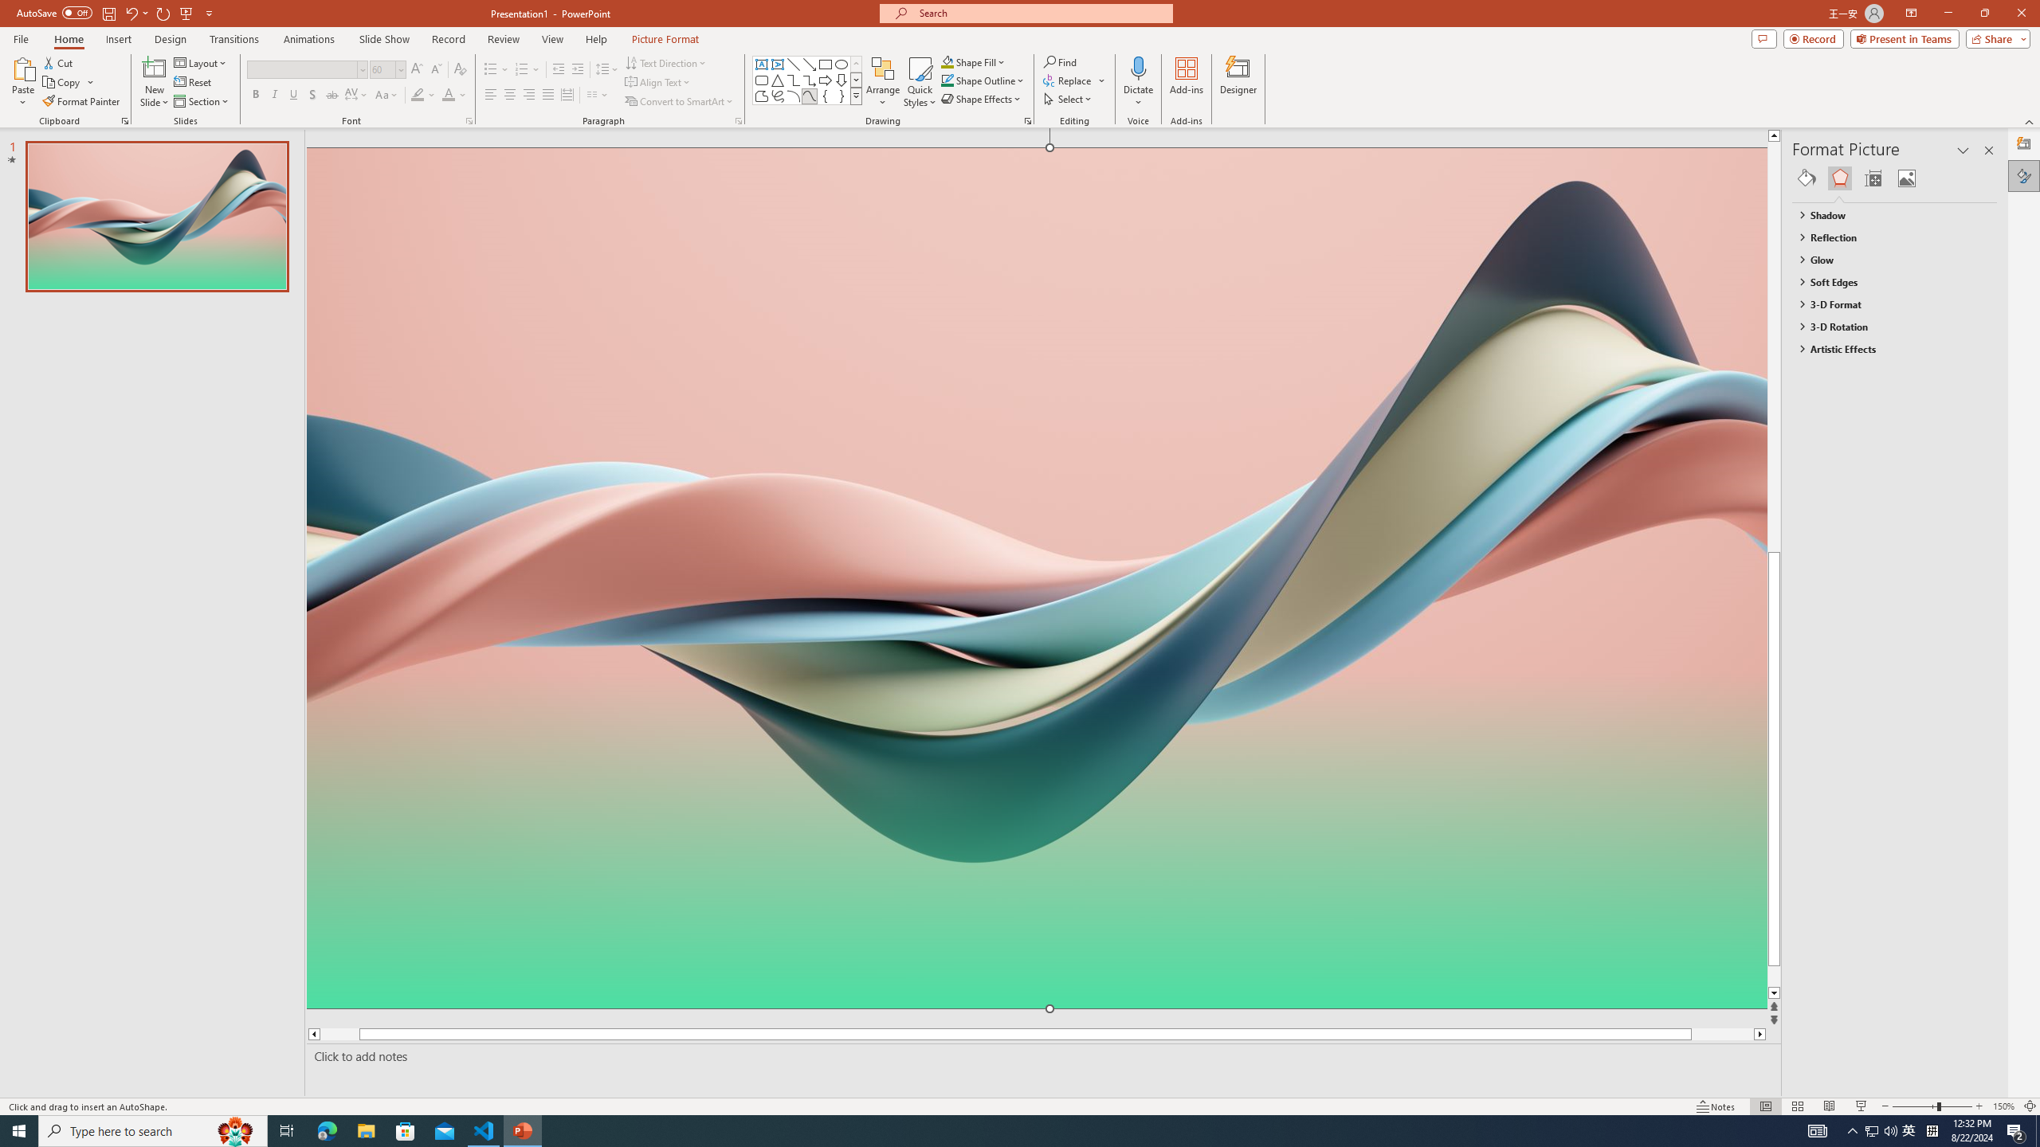  I want to click on 'Effects', so click(1839, 177).